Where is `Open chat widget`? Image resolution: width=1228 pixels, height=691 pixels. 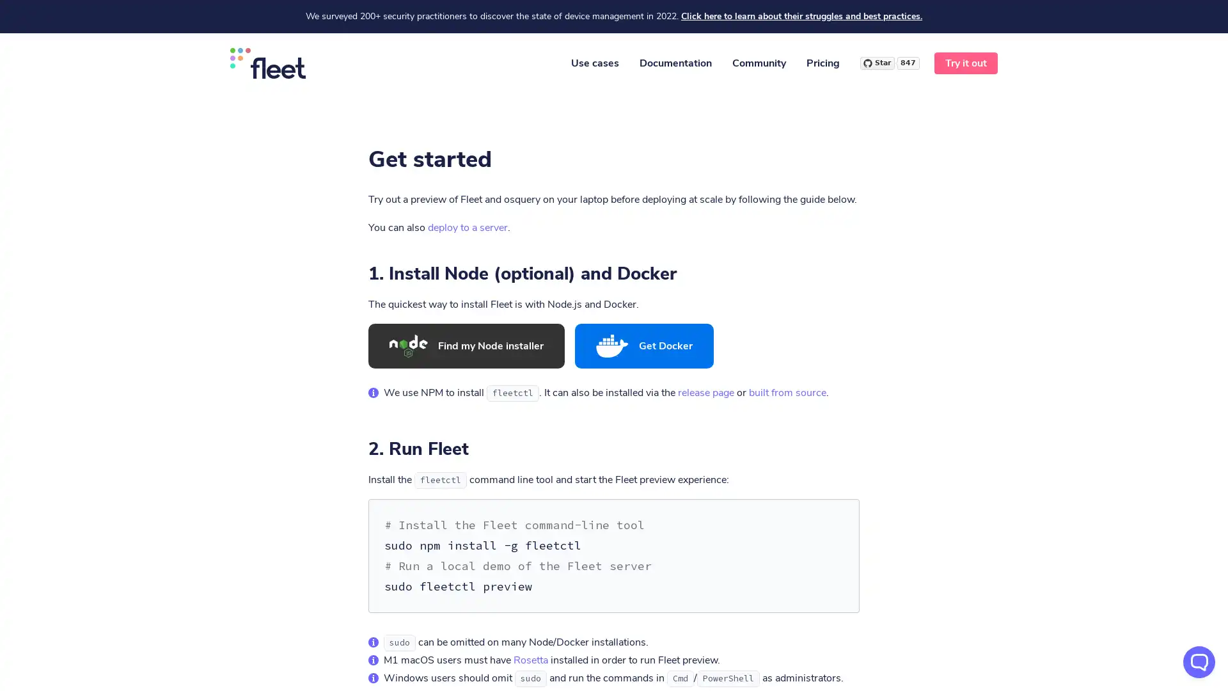
Open chat widget is located at coordinates (1199, 662).